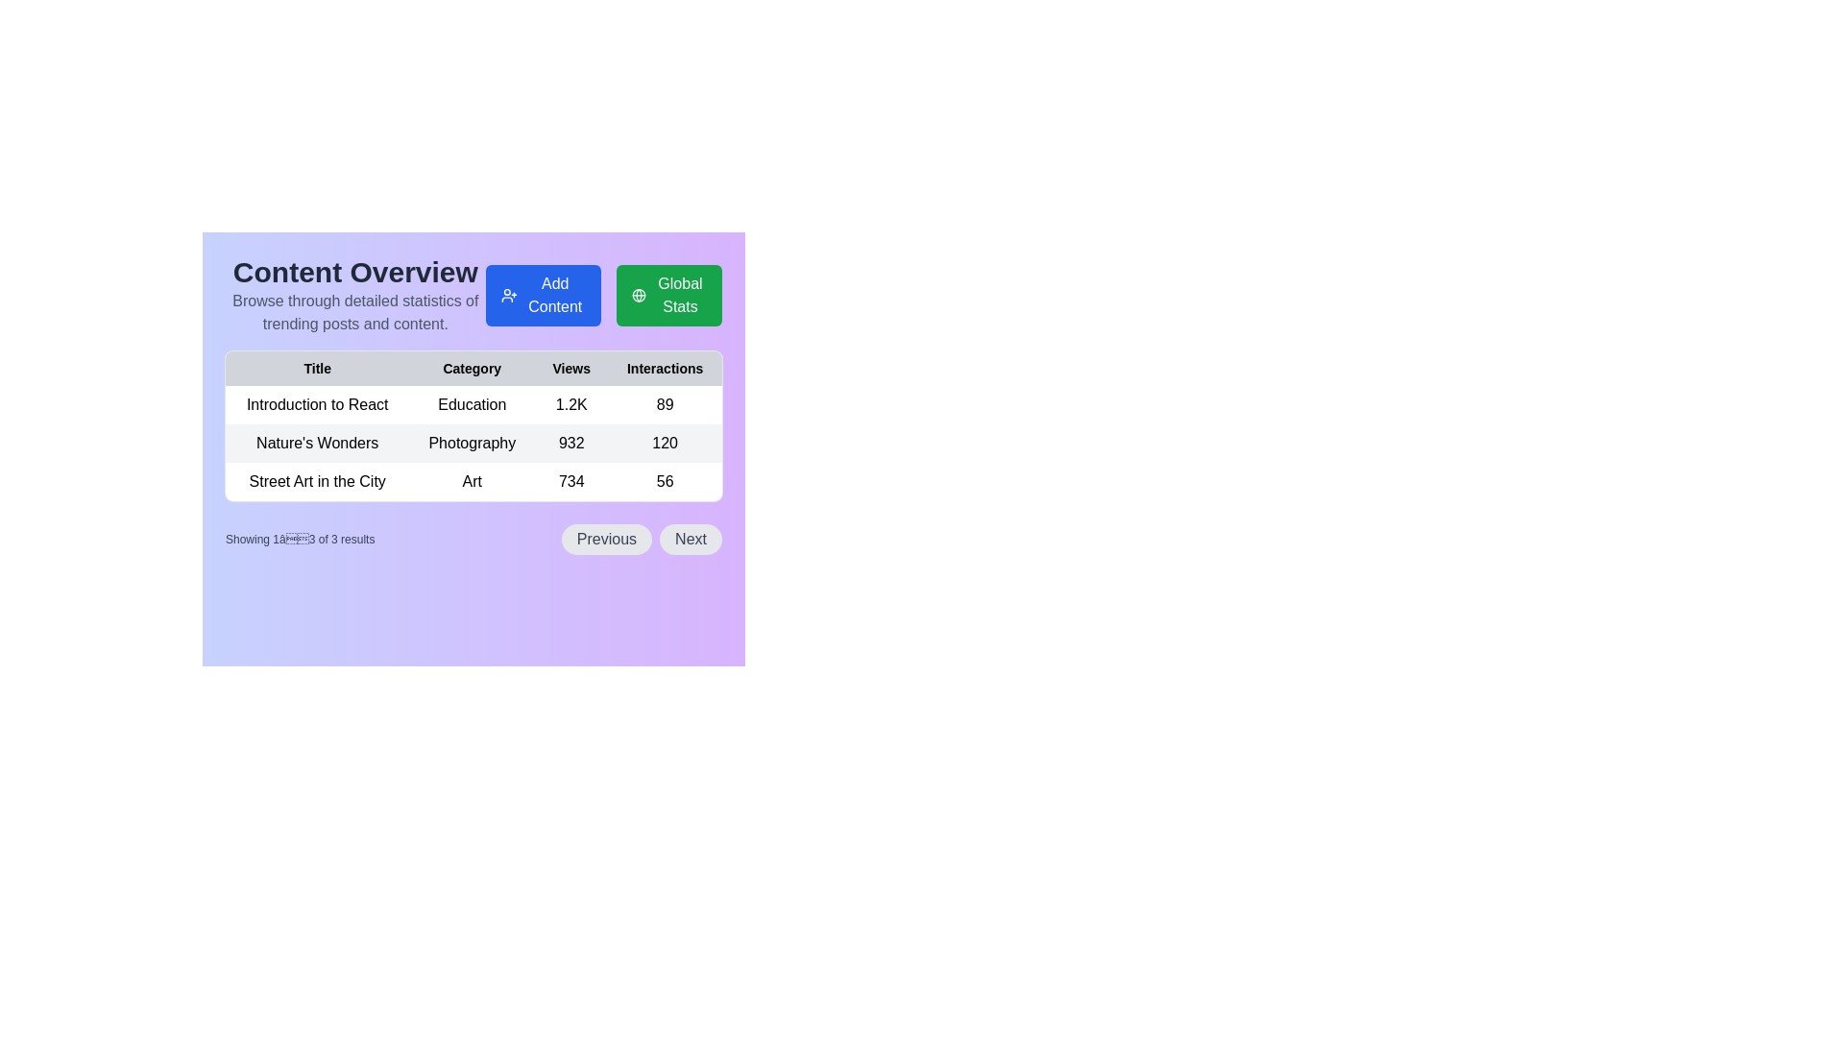 Image resolution: width=1844 pixels, height=1037 pixels. What do you see at coordinates (473, 540) in the screenshot?
I see `the 'Previous' button of the pagination controls located below the content table` at bounding box center [473, 540].